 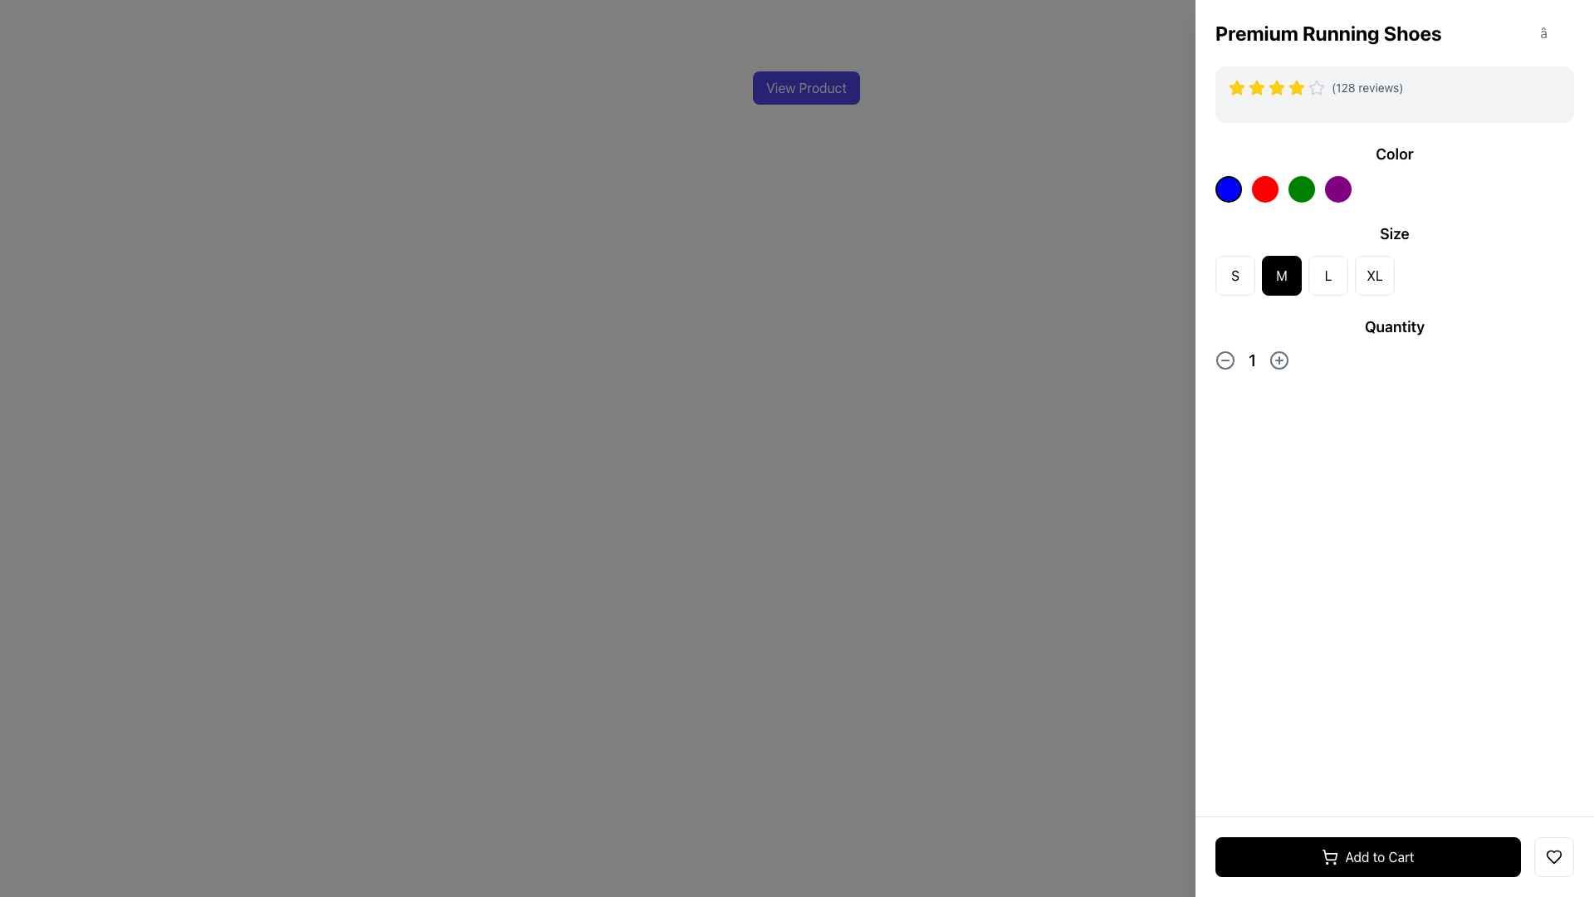 I want to click on the increment button located in the 'Quantity' section, which is positioned to the right of the decrement button ('-') and next to the number indicator ('1'), to increment the selected quantity by one, so click(x=1278, y=360).